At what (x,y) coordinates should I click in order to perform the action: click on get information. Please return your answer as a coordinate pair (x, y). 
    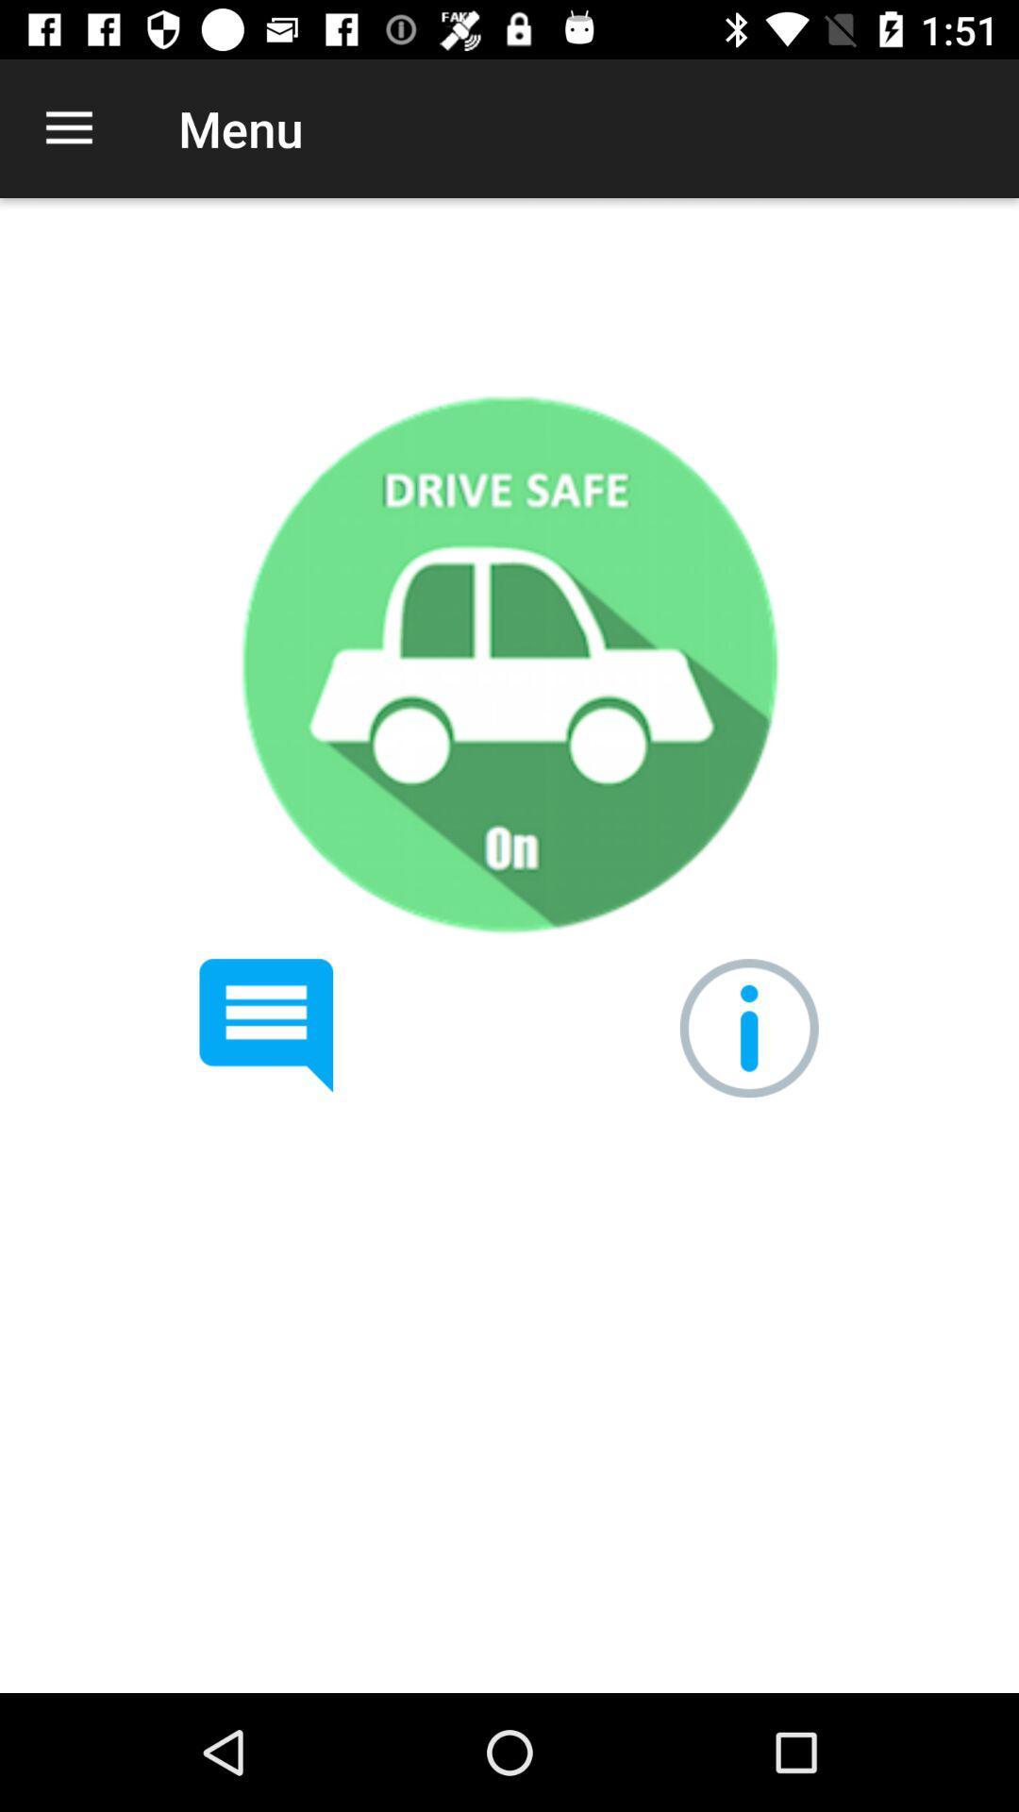
    Looking at the image, I should click on (748, 1027).